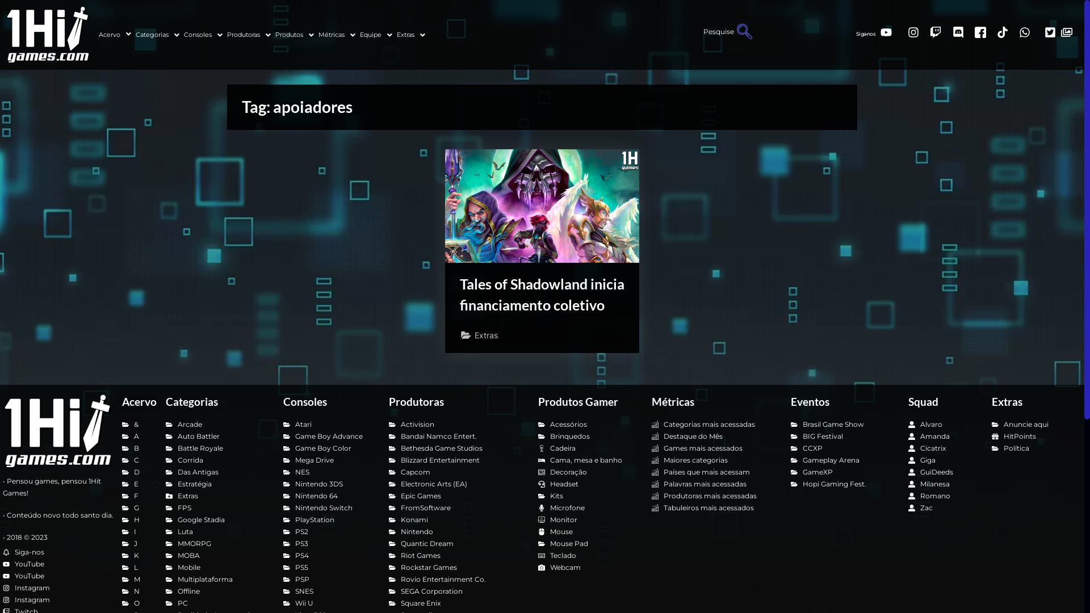 Image resolution: width=1090 pixels, height=613 pixels. Describe the element at coordinates (137, 567) in the screenshot. I see `'L'` at that location.